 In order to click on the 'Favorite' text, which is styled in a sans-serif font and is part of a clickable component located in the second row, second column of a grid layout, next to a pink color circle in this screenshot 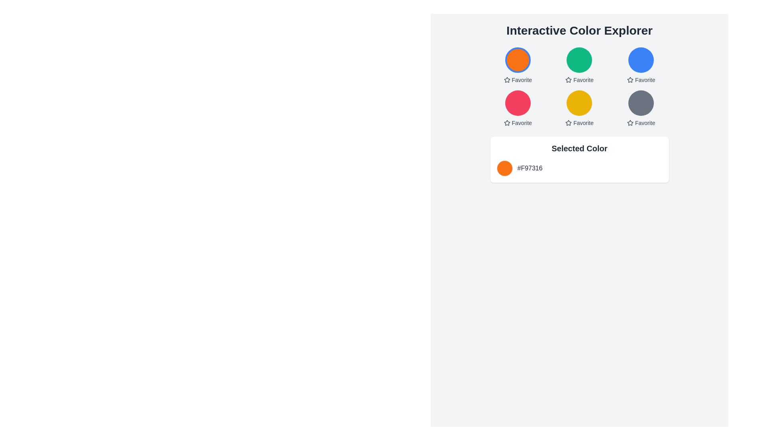, I will do `click(522, 123)`.